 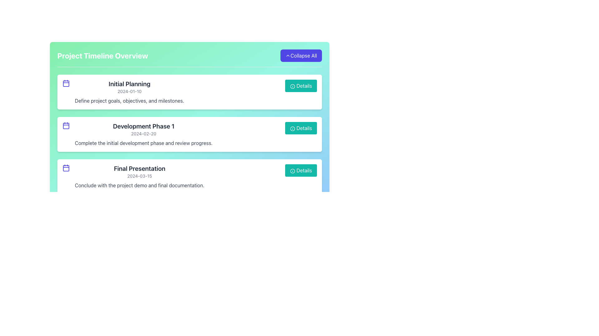 What do you see at coordinates (189, 134) in the screenshot?
I see `the timeline entry card styled with a white background and teal 'Details' button in the 'Project Timeline Overview' section for interaction` at bounding box center [189, 134].